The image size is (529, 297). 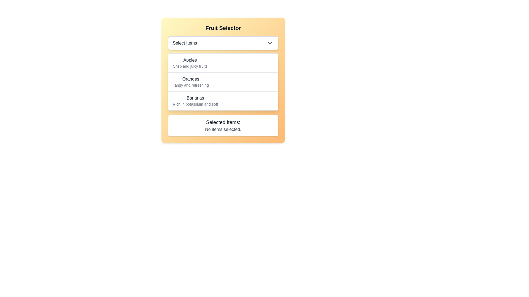 What do you see at coordinates (270, 43) in the screenshot?
I see `the Chevron icon, which is located on the far right of the 'Select Items' input field to toggle the dropdown menu visibility` at bounding box center [270, 43].